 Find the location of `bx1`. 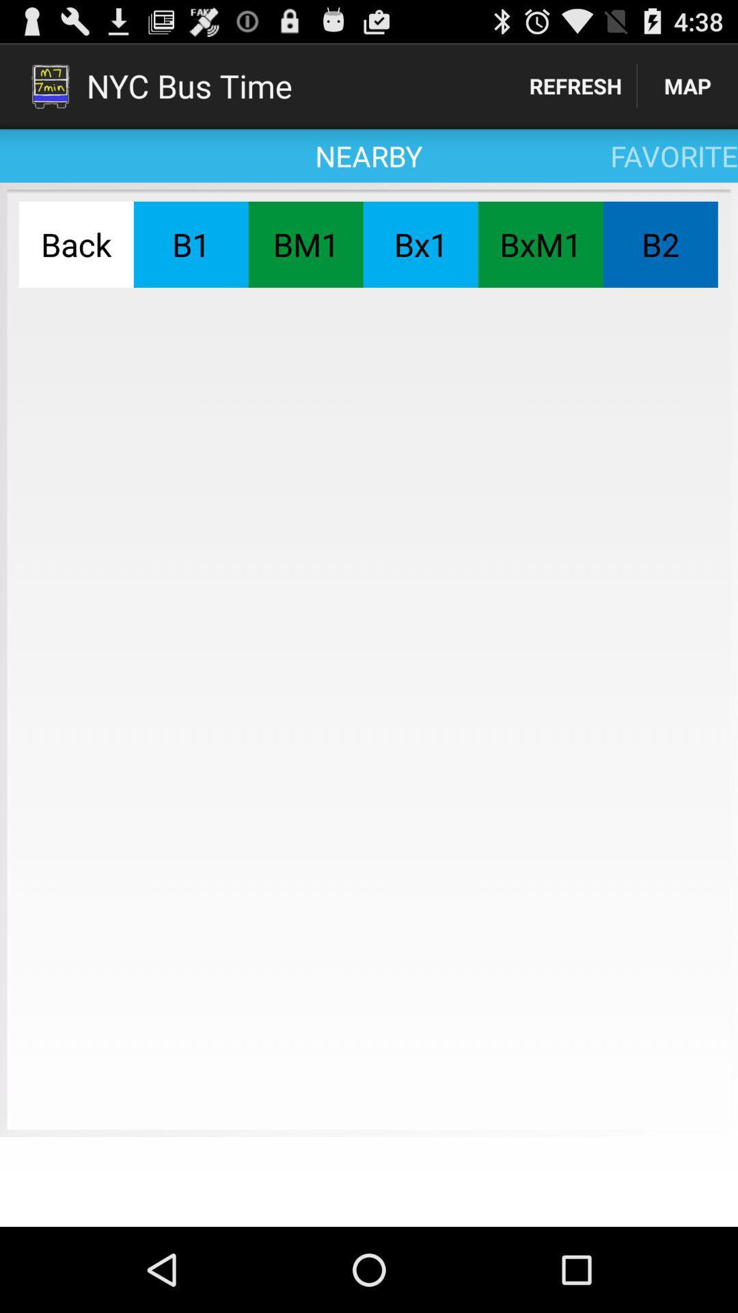

bx1 is located at coordinates (420, 244).